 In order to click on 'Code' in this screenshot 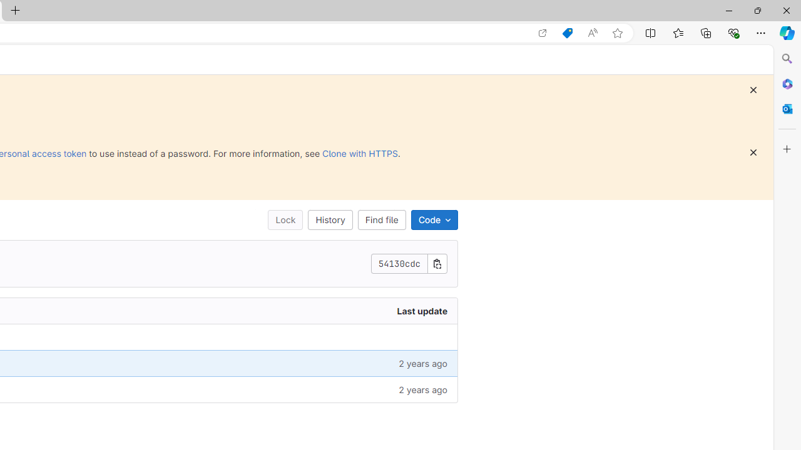, I will do `click(434, 219)`.